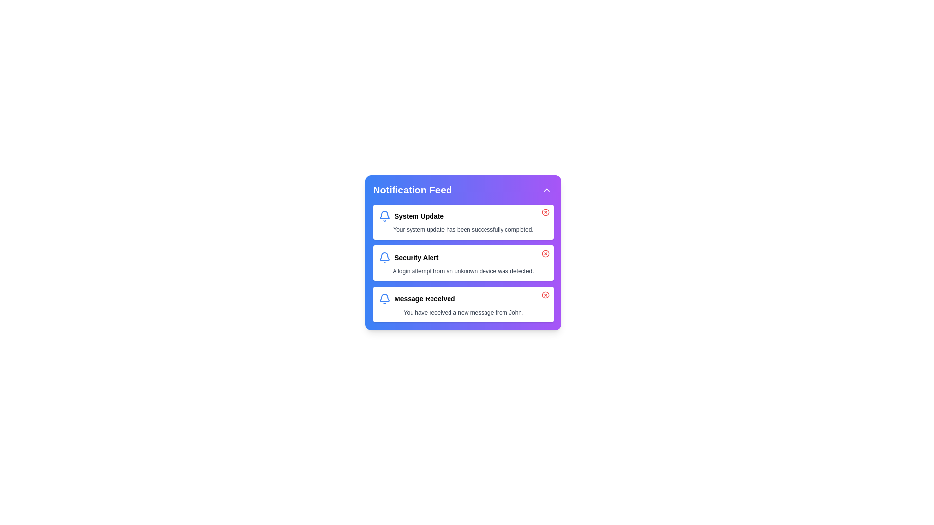 Image resolution: width=934 pixels, height=525 pixels. What do you see at coordinates (463, 263) in the screenshot?
I see `information displayed in the notification alerting about a security-related event, which is the second entry in the 'Notification Feed' list` at bounding box center [463, 263].